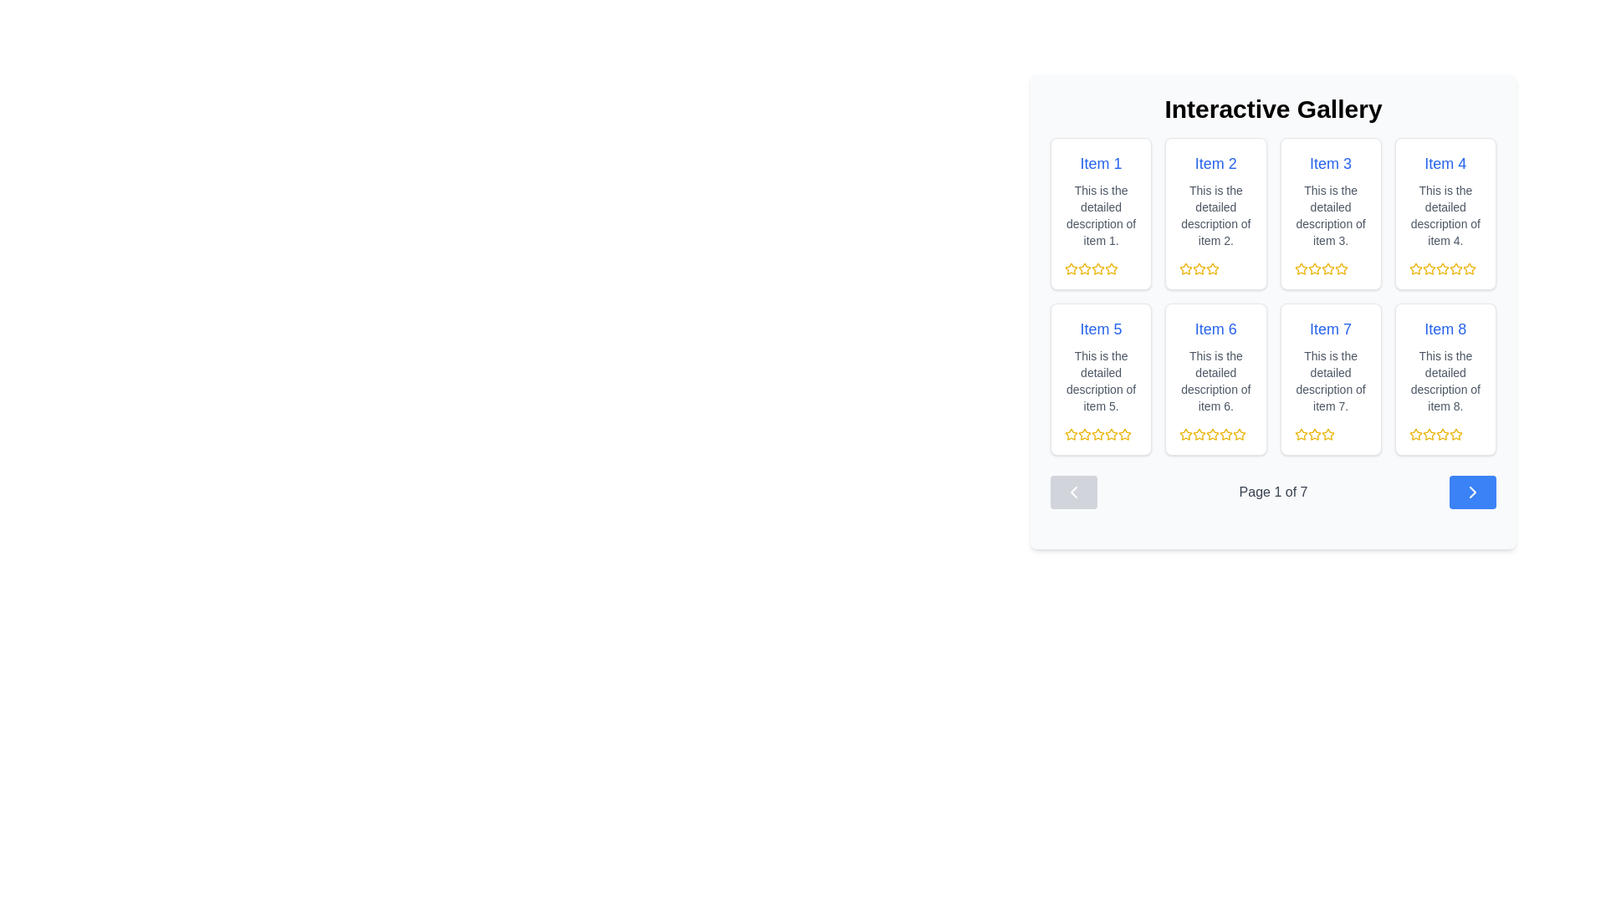 Image resolution: width=1606 pixels, height=903 pixels. Describe the element at coordinates (1313, 433) in the screenshot. I see `the second yellow star icon in the rating set located under the description of 'Item 7' in the gallery` at that location.